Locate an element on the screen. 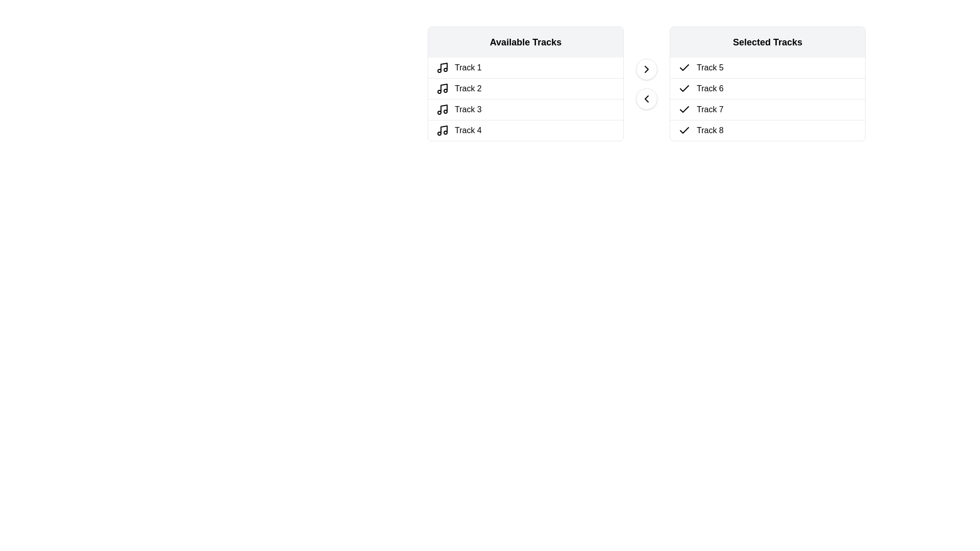 This screenshot has width=980, height=551. the music note icon located before the text 'Track 1' in the 'Available Tracks' section of the left panel is located at coordinates (443, 67).